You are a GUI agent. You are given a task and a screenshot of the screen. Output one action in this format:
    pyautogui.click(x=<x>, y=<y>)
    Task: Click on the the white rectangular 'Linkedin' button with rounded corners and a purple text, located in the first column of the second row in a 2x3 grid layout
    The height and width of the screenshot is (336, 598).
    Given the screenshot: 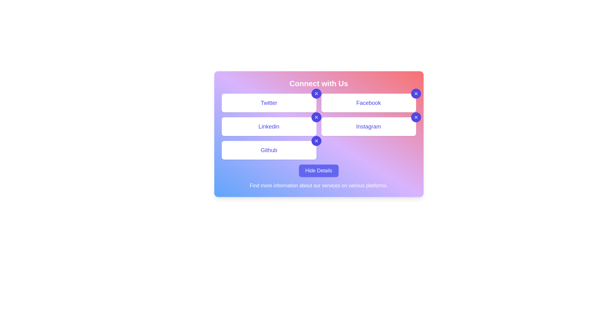 What is the action you would take?
    pyautogui.click(x=269, y=126)
    